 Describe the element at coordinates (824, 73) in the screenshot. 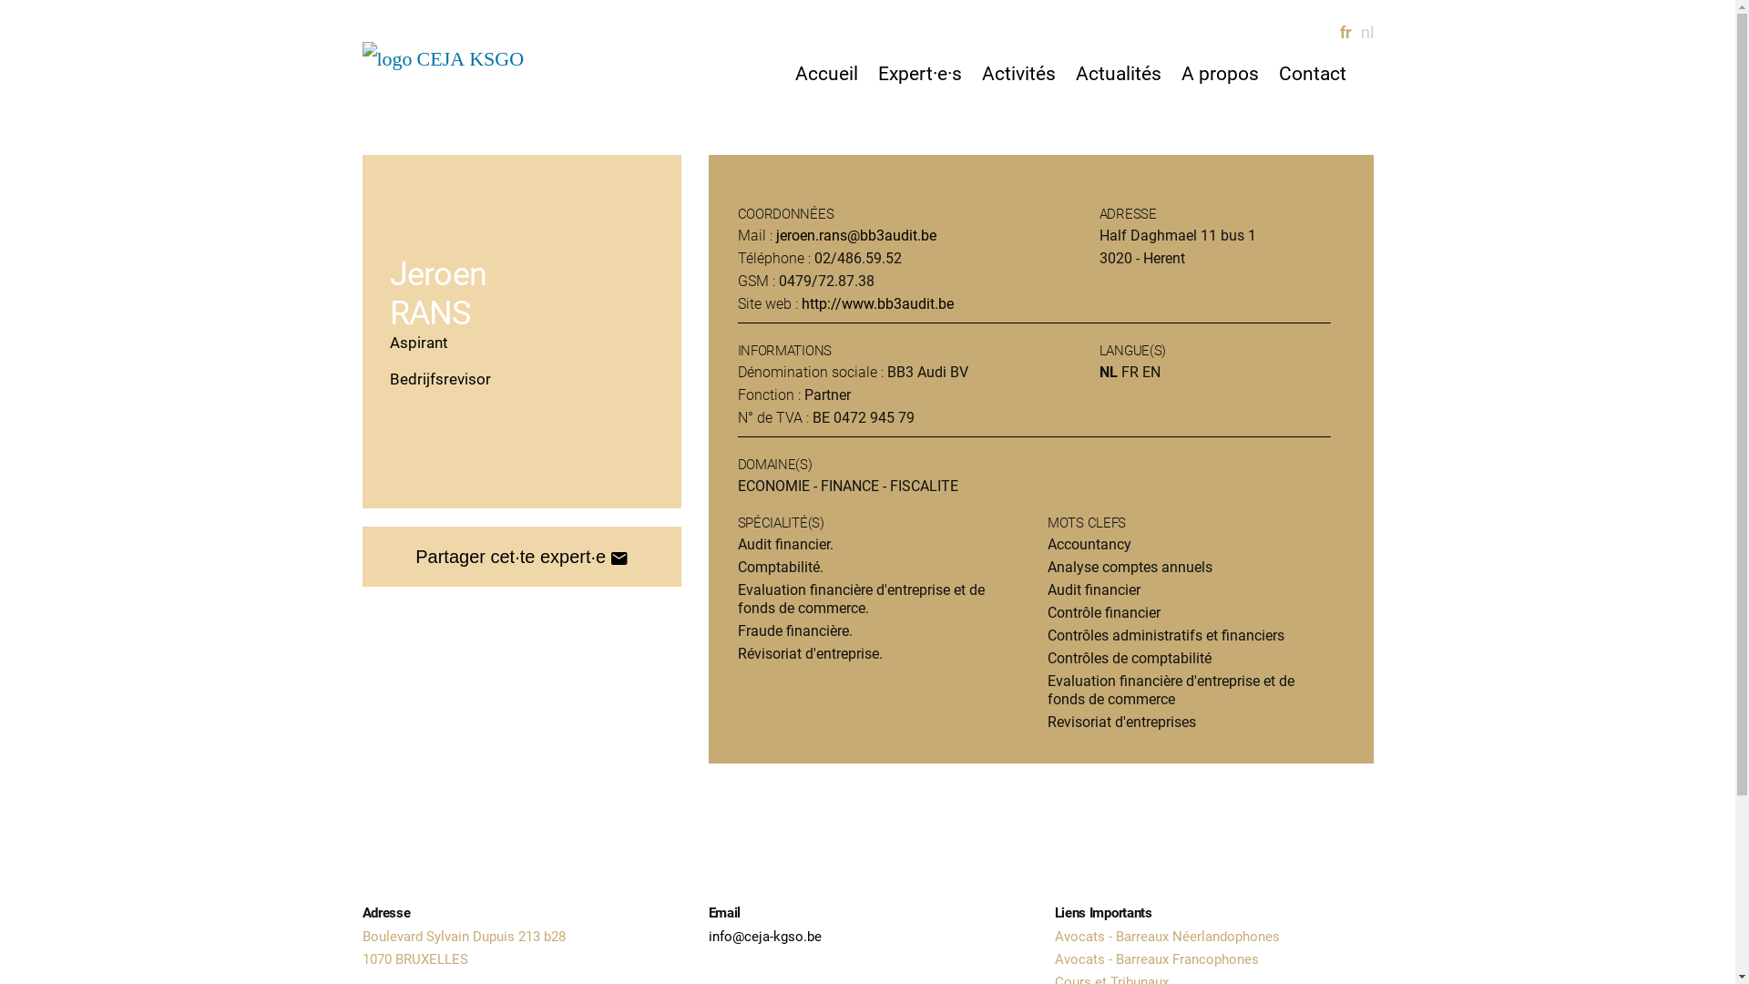

I see `'Accueil'` at that location.